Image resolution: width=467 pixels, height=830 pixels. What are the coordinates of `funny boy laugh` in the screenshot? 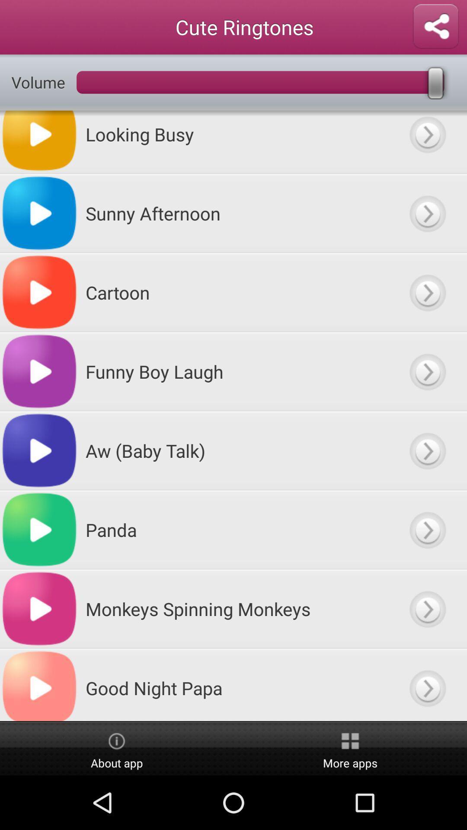 It's located at (427, 371).